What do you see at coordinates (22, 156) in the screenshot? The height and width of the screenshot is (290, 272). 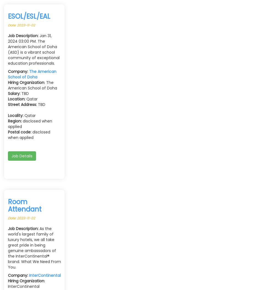 I see `'Job Details'` at bounding box center [22, 156].